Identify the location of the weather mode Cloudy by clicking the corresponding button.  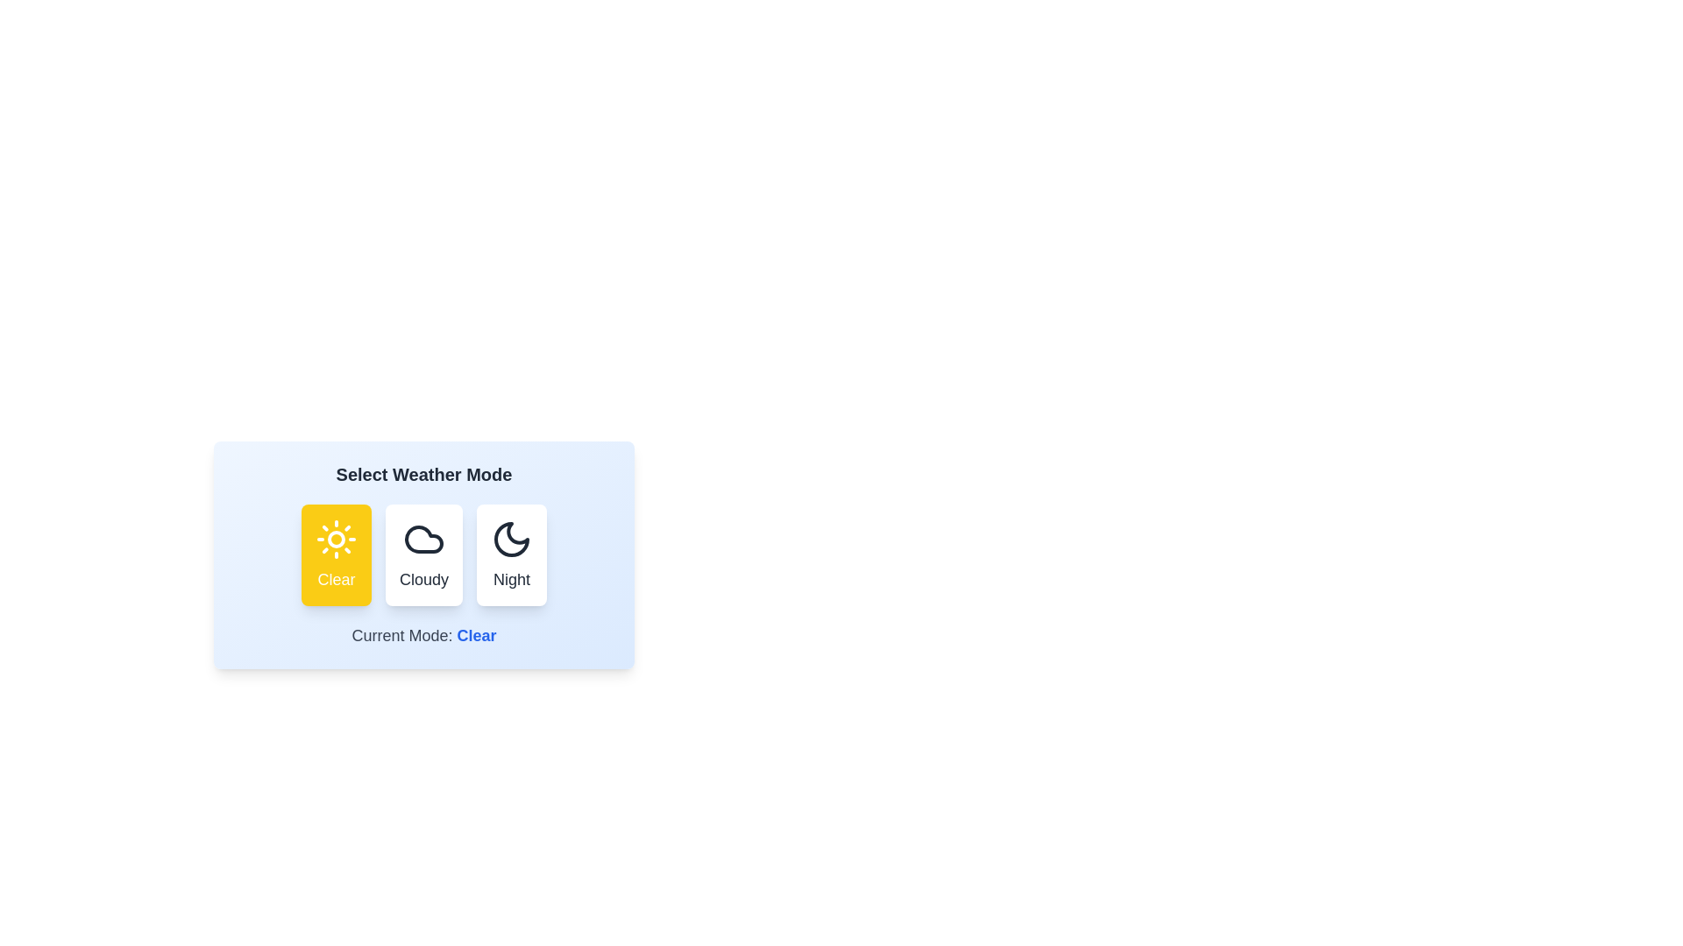
(424, 554).